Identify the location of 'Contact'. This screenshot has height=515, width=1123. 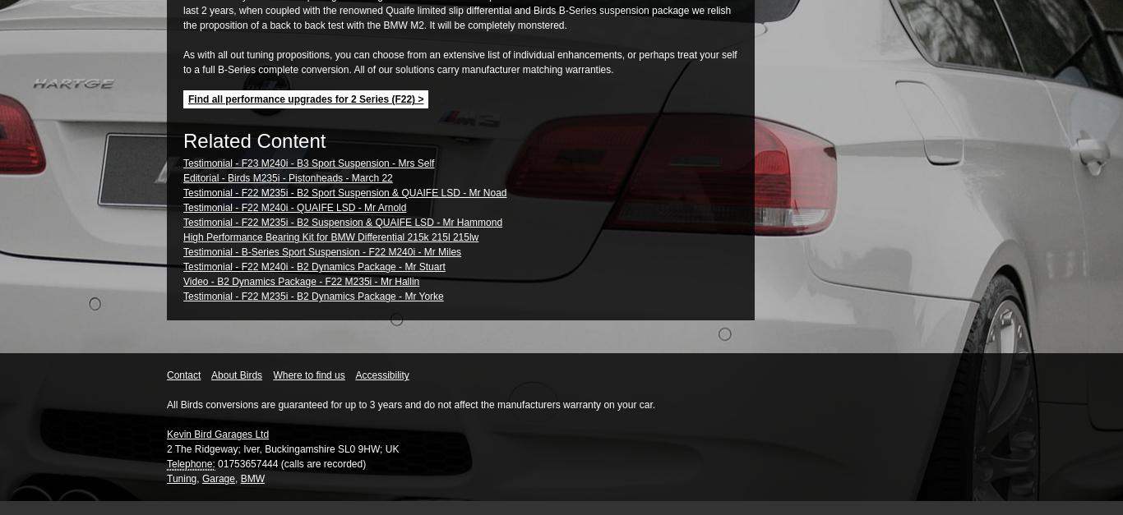
(183, 375).